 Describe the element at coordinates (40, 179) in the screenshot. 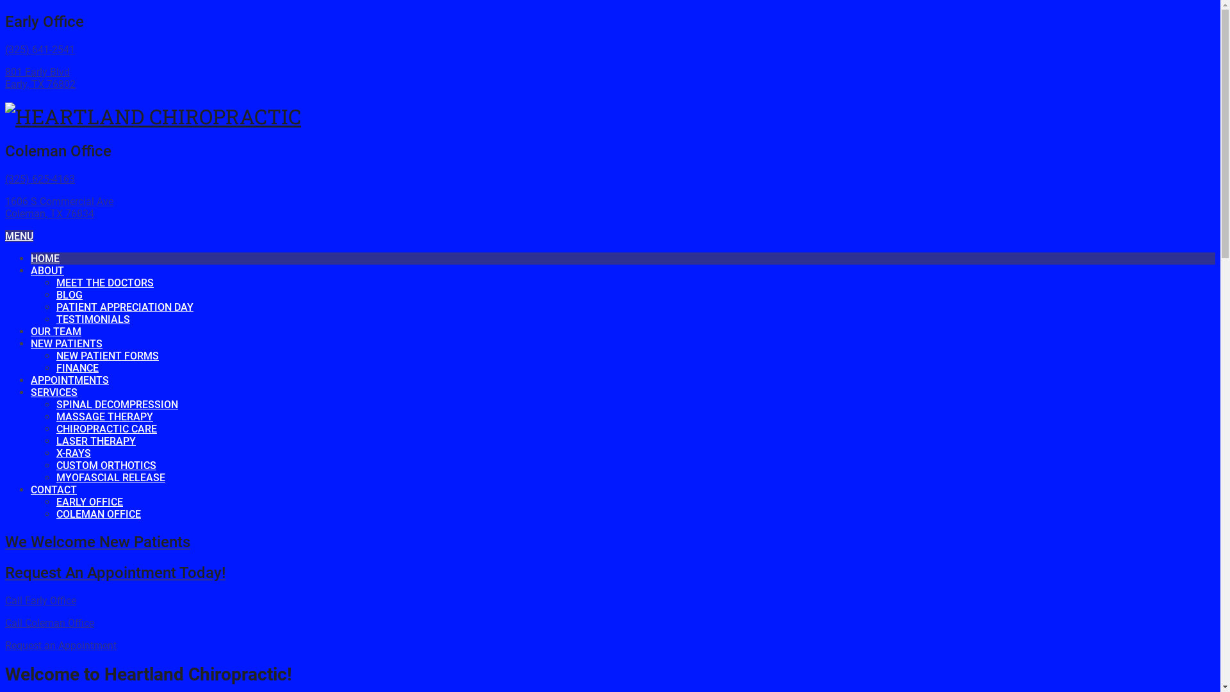

I see `'(325) 625-4163'` at that location.